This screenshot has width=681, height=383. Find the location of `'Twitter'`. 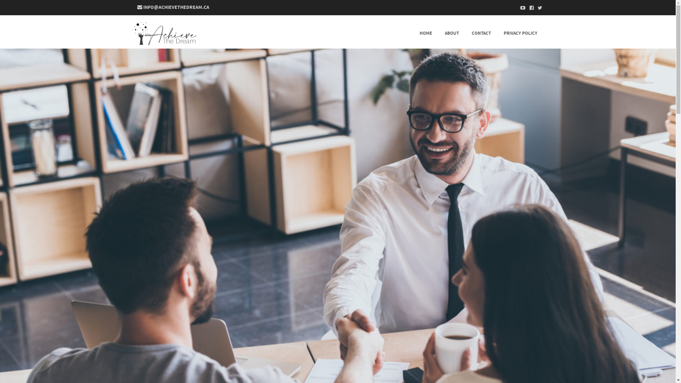

'Twitter' is located at coordinates (538, 8).